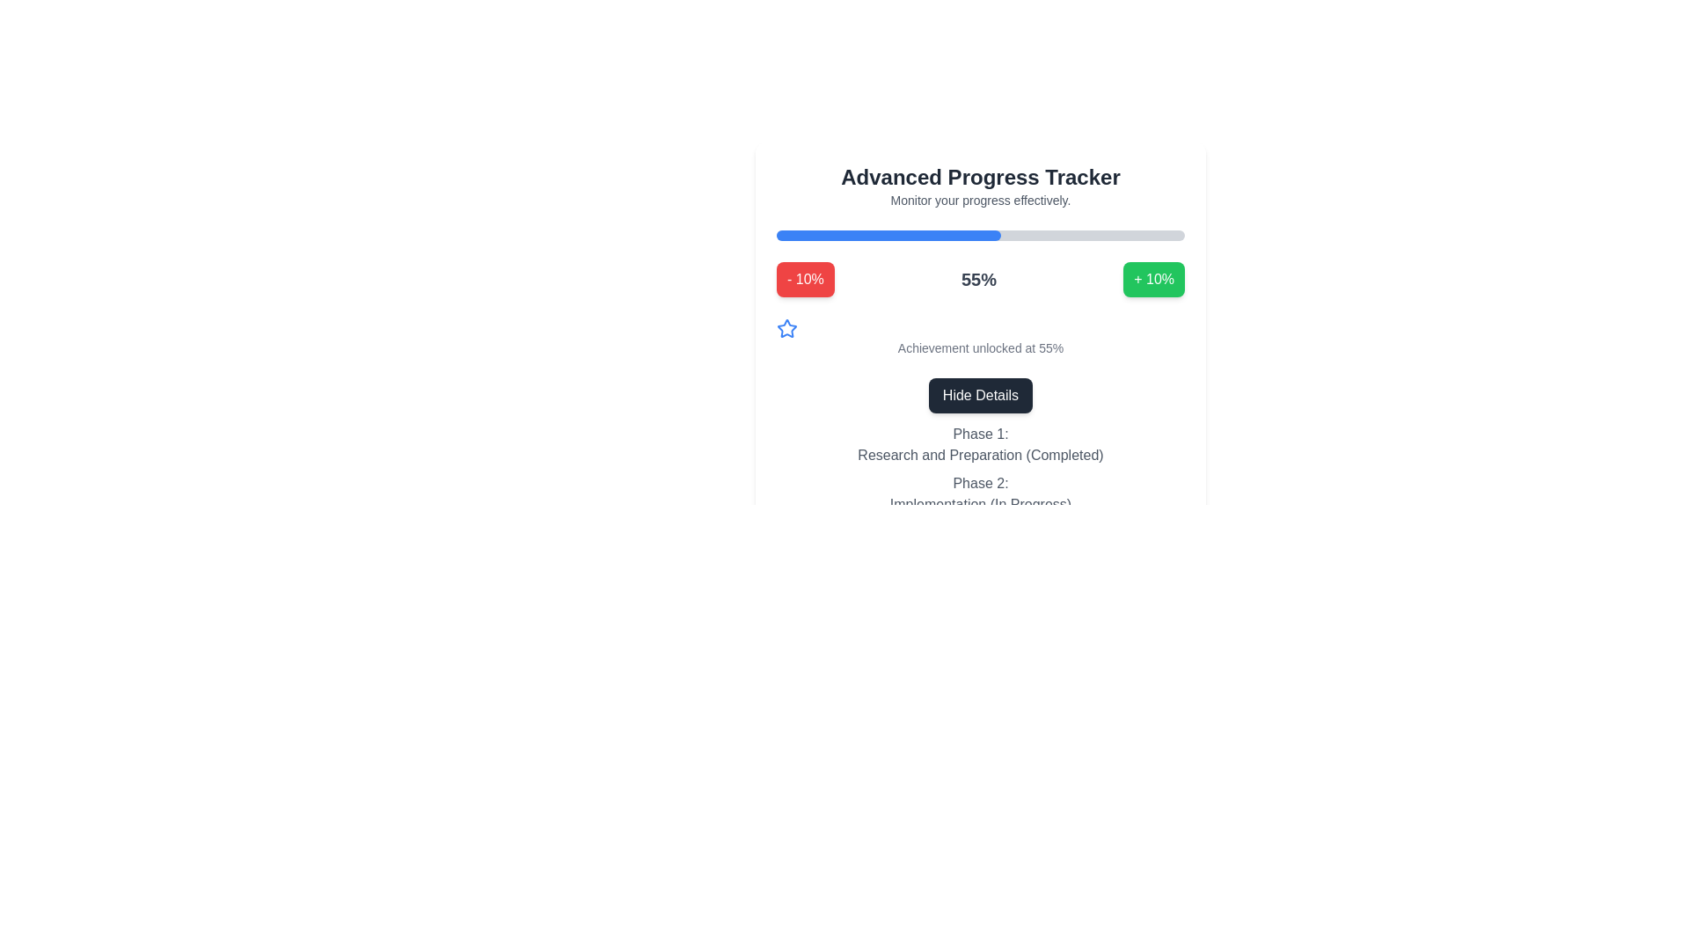 This screenshot has height=950, width=1689. I want to click on the Text Label that reads 'Monitor your progress effectively.' which is styled with a small font size and light gray color, located below the title 'Advanced Progress Tracker', so click(979, 199).